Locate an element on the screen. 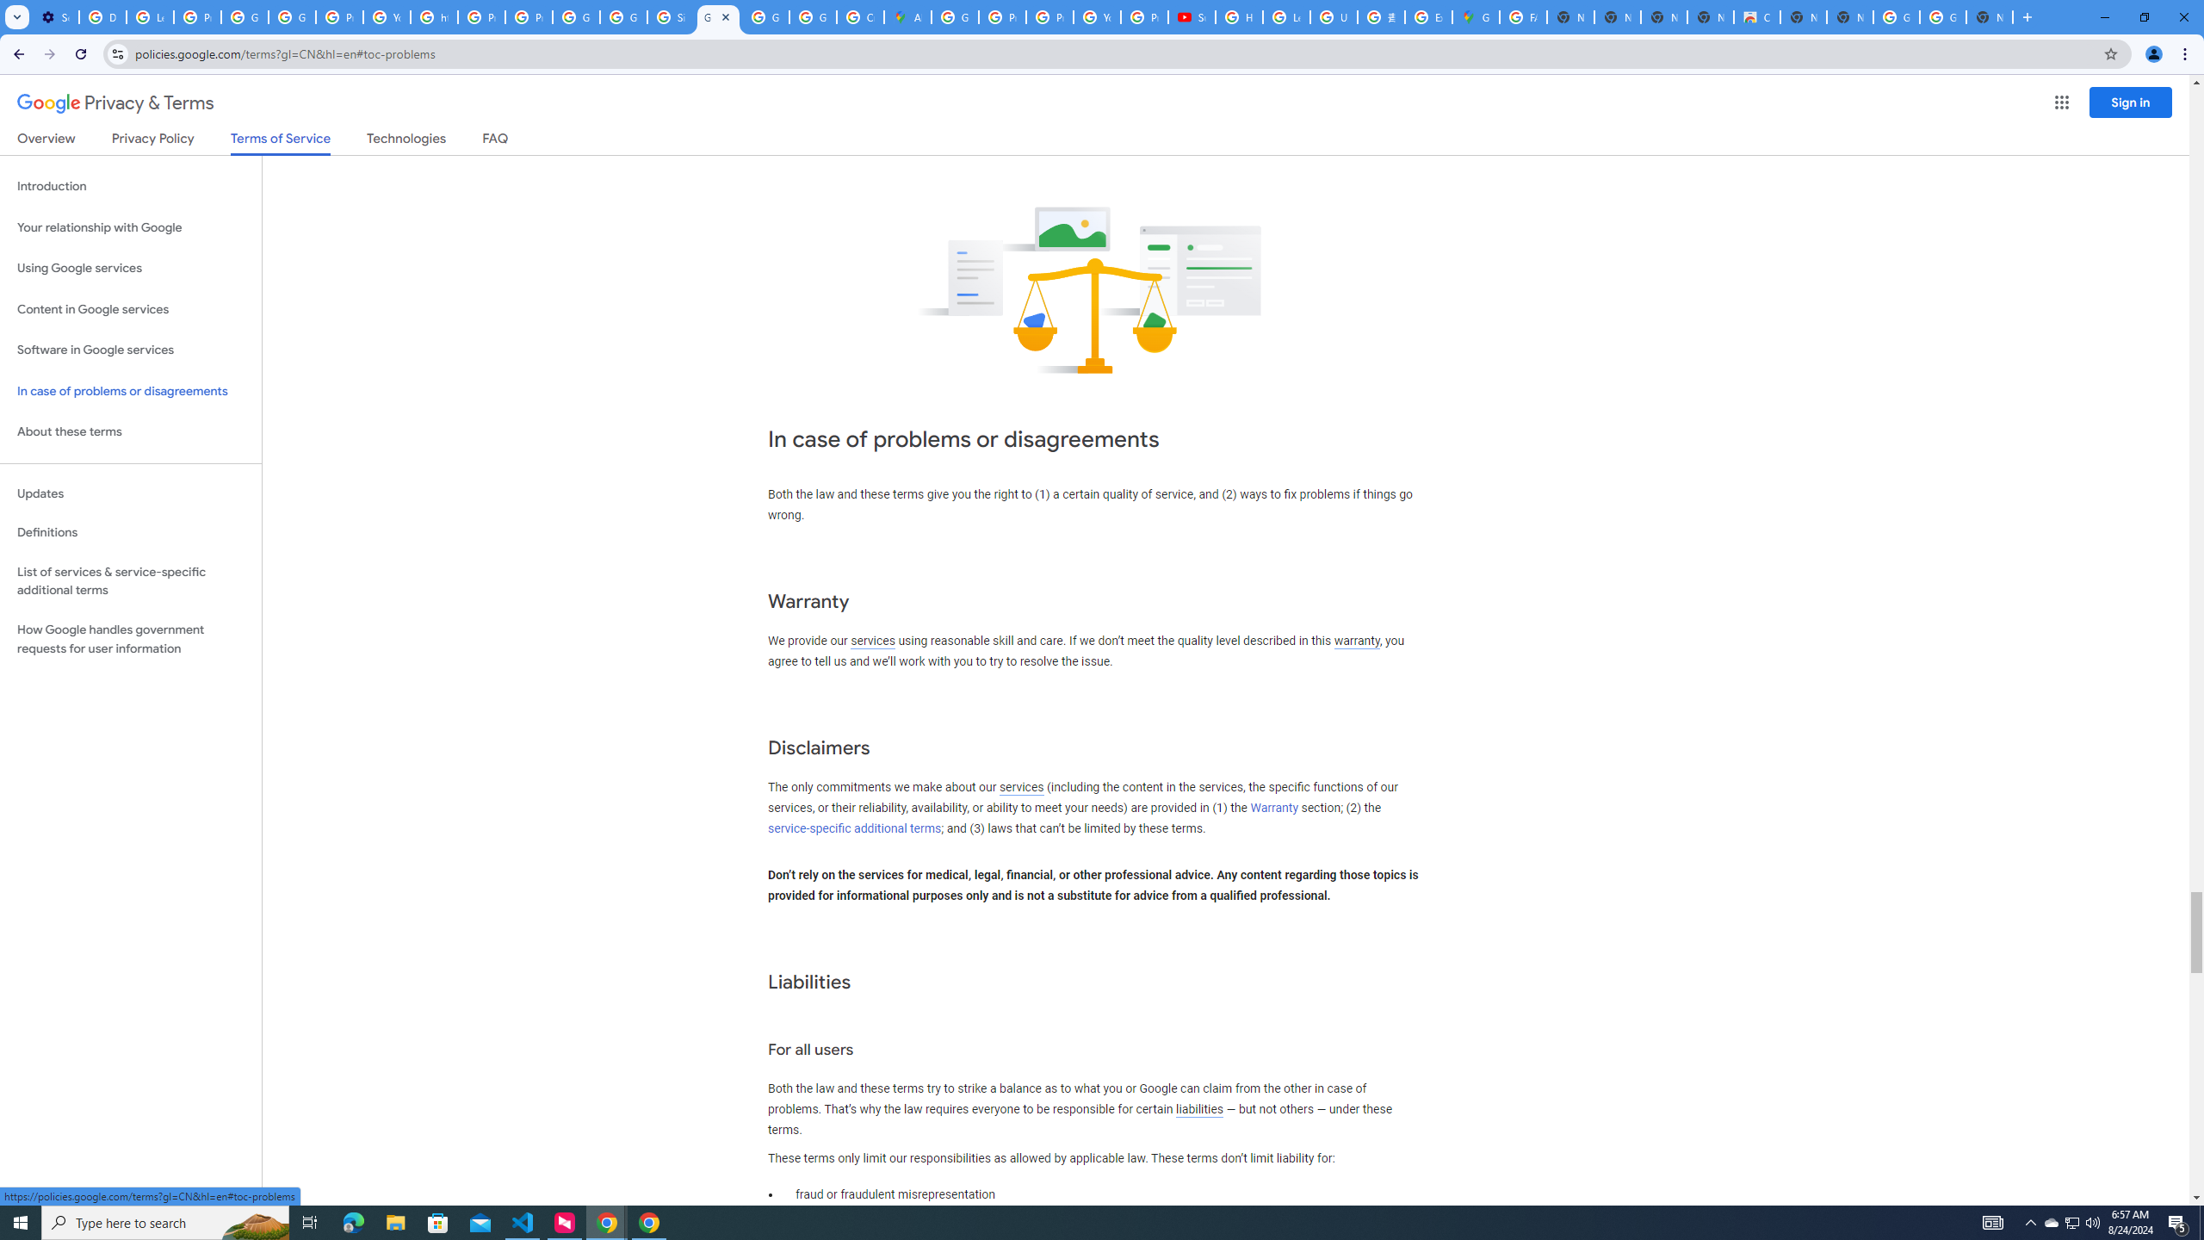 The width and height of the screenshot is (2204, 1240). 'About these terms' is located at coordinates (130, 431).